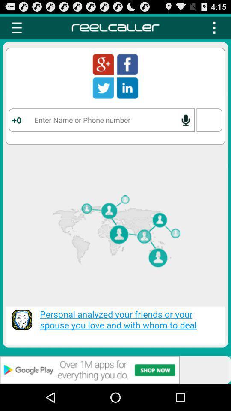 The width and height of the screenshot is (231, 411). Describe the element at coordinates (213, 27) in the screenshot. I see `the menu button` at that location.